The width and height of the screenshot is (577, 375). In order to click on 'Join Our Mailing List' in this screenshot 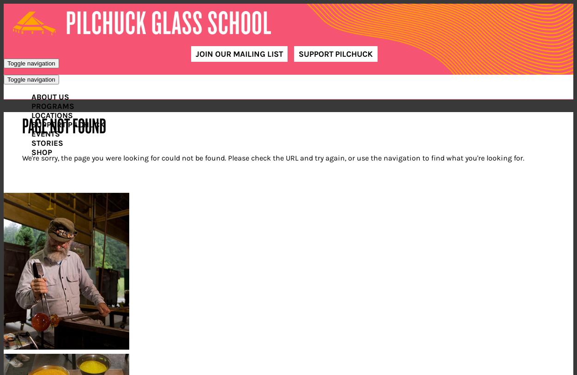, I will do `click(239, 53)`.